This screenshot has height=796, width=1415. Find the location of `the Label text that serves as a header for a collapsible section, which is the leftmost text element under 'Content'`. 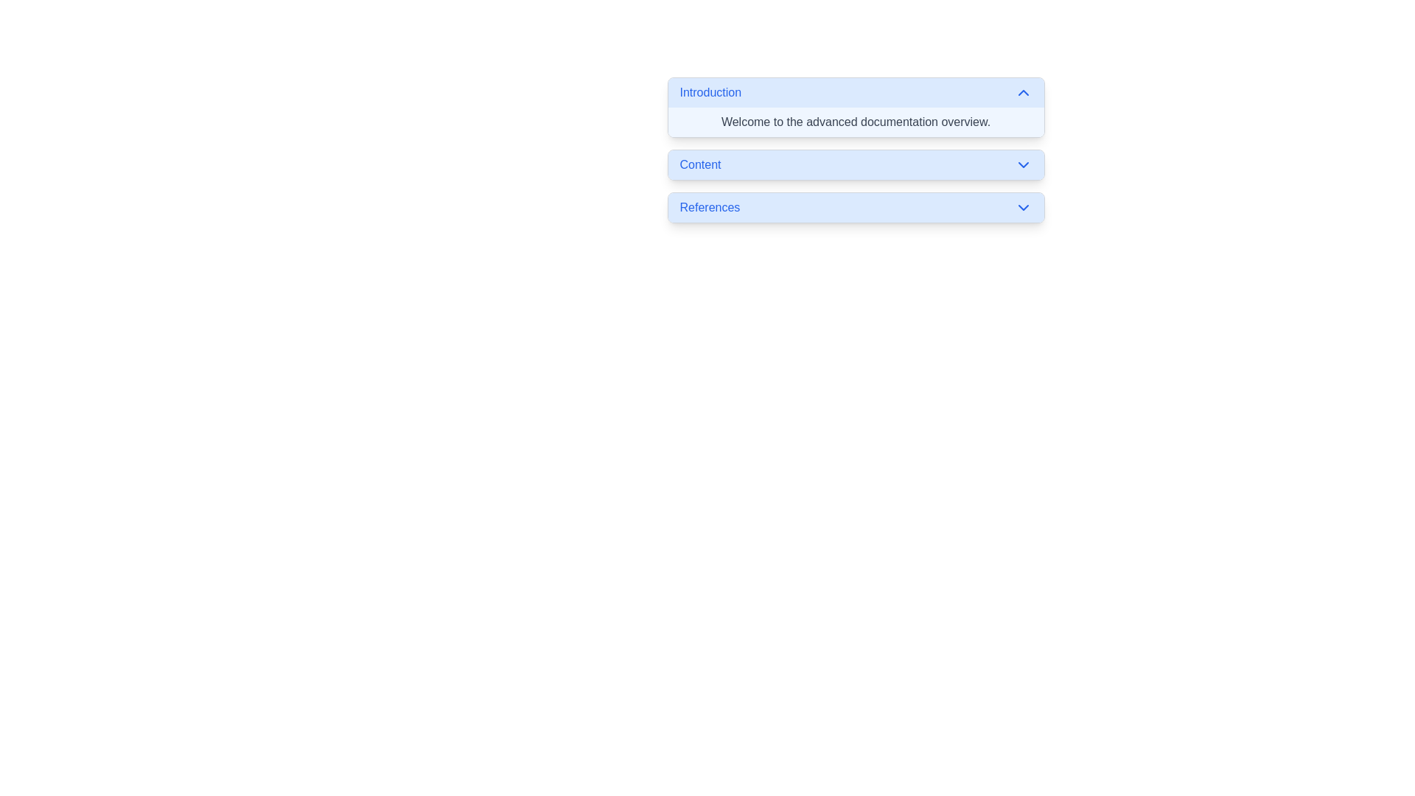

the Label text that serves as a header for a collapsible section, which is the leftmost text element under 'Content' is located at coordinates (710, 207).